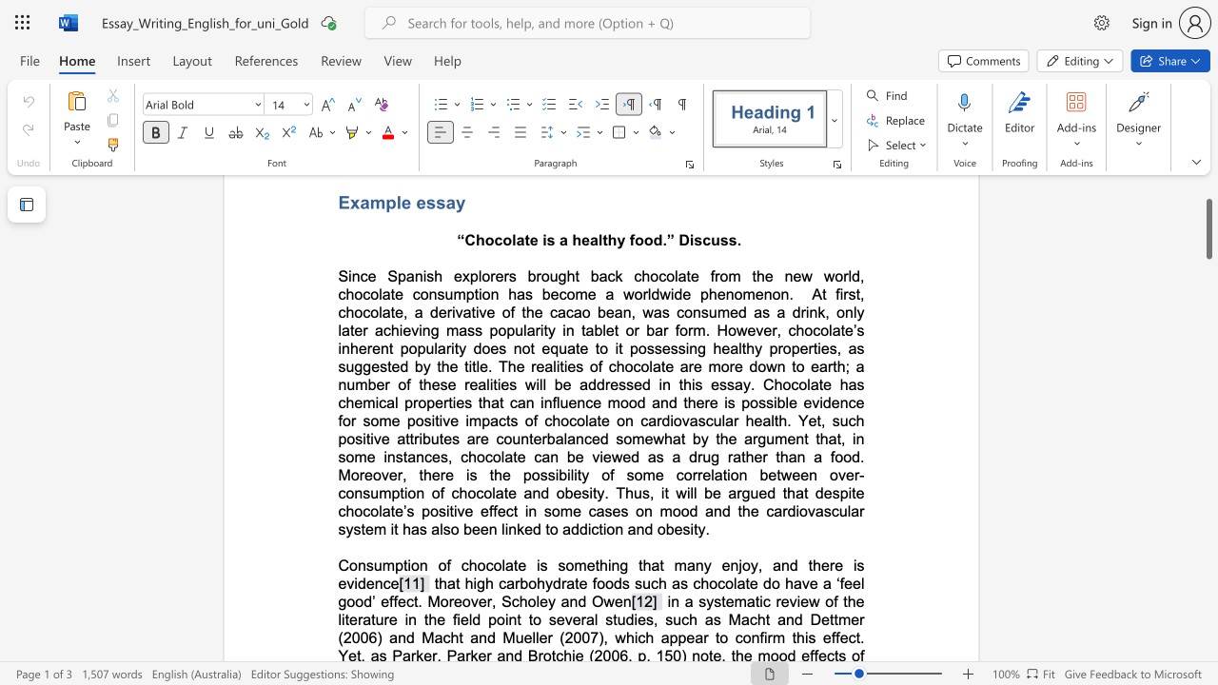 The height and width of the screenshot is (685, 1218). Describe the element at coordinates (1208, 227) in the screenshot. I see `the scrollbar and move up 80 pixels` at that location.